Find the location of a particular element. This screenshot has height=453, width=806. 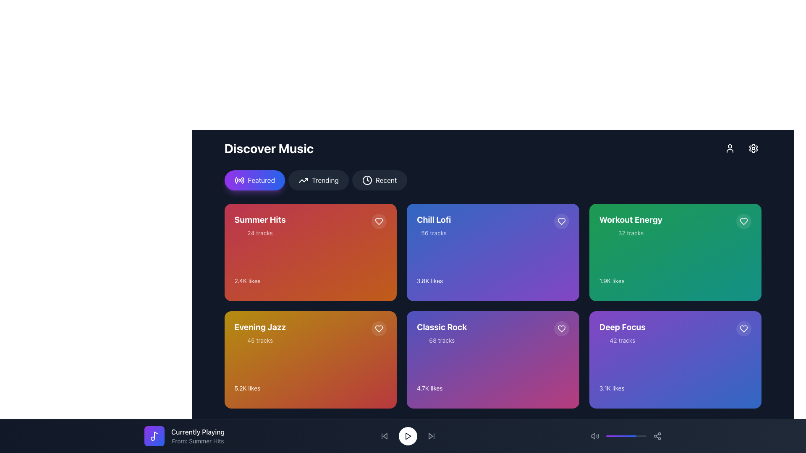

the 'Classic Rock' playlist element is located at coordinates (441, 333).